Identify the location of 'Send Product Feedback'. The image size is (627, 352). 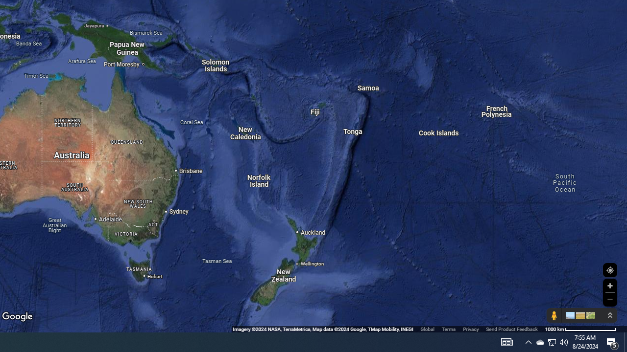
(511, 329).